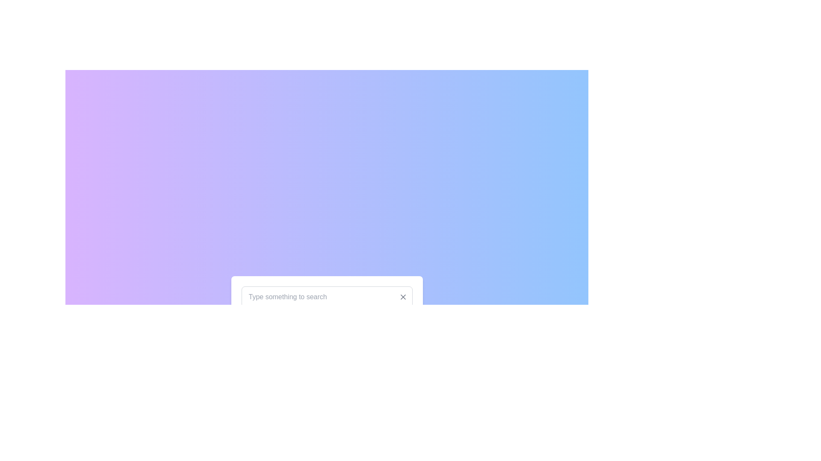 This screenshot has width=821, height=461. What do you see at coordinates (402, 296) in the screenshot?
I see `the clear button positioned at the rightmost end of the search input field to clear the text entered in the field` at bounding box center [402, 296].